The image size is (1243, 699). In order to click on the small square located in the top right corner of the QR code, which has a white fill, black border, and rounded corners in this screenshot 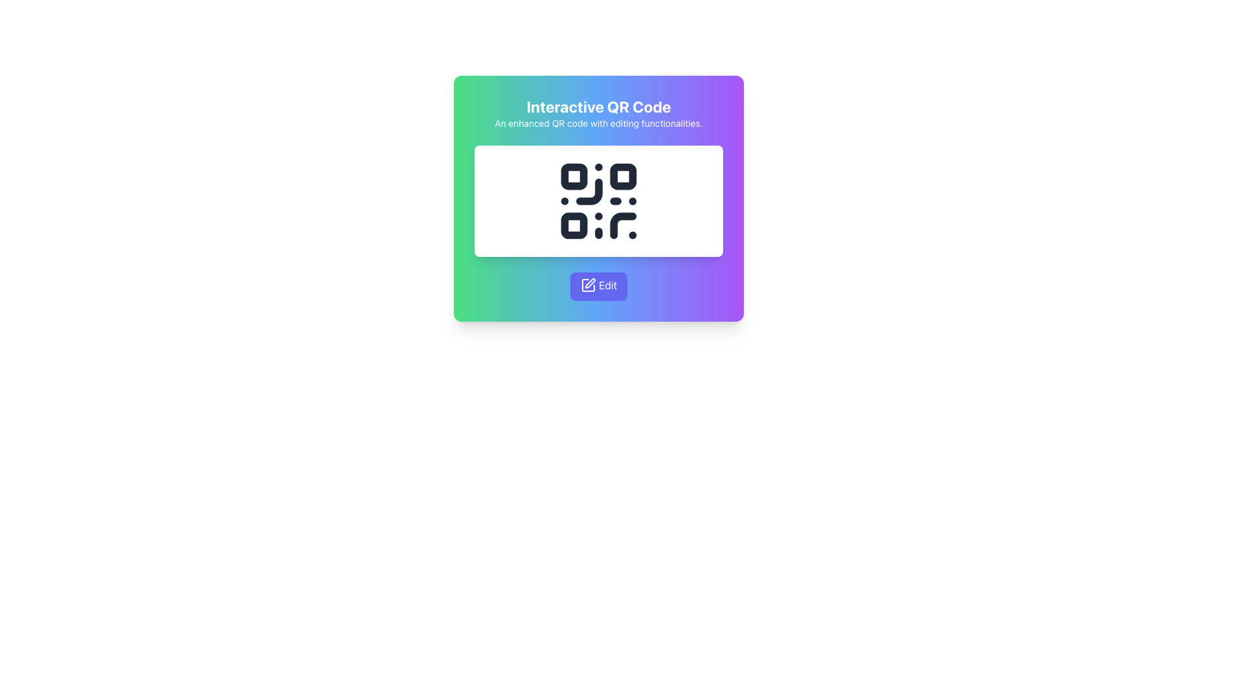, I will do `click(623, 177)`.